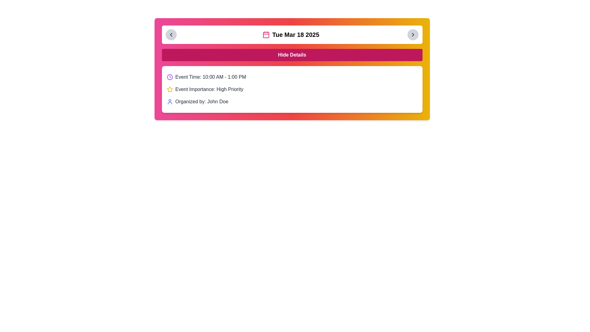 The height and width of the screenshot is (332, 590). Describe the element at coordinates (266, 35) in the screenshot. I see `the decorative rectangle inside the calendar icon located to the right of the header text 'Tue Mar 18 2025'` at that location.